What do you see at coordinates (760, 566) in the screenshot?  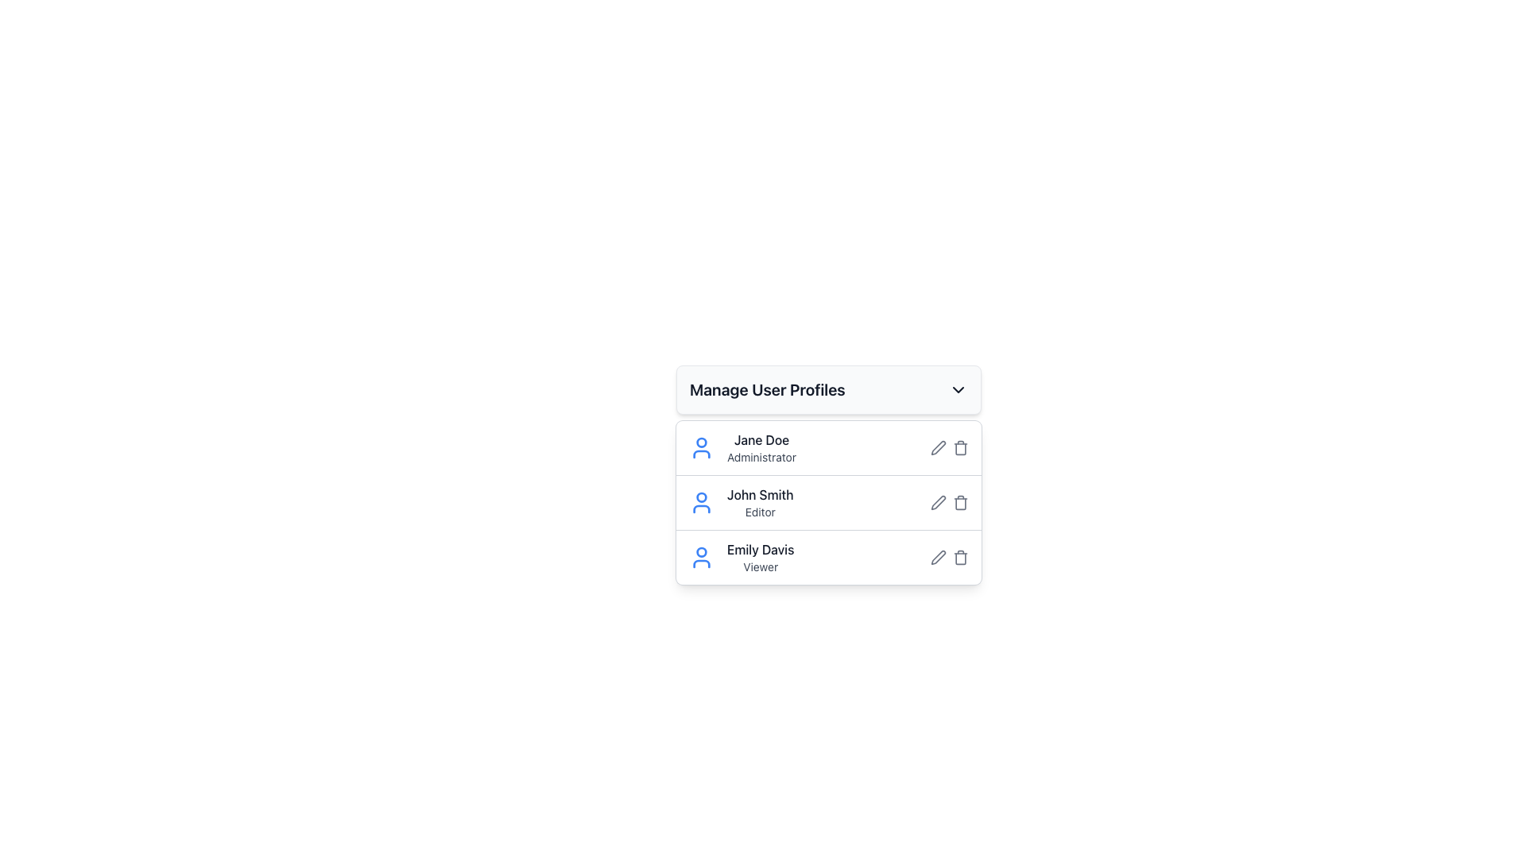 I see `role information displayed in the text label 'Viewer' for the user 'Emily Davis', which is located in the third row of the user profile list` at bounding box center [760, 566].